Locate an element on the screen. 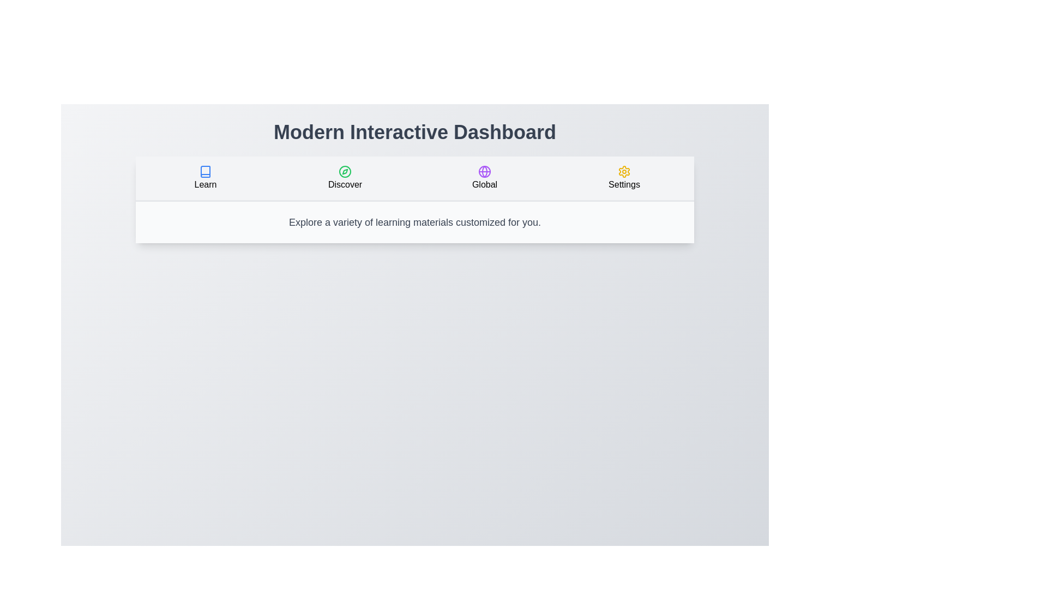 The height and width of the screenshot is (589, 1047). the 'Settings' navigation button located as the rightmost item in the horizontal navigation menu below the main header 'Modern Interactive Dashboard' is located at coordinates (624, 178).